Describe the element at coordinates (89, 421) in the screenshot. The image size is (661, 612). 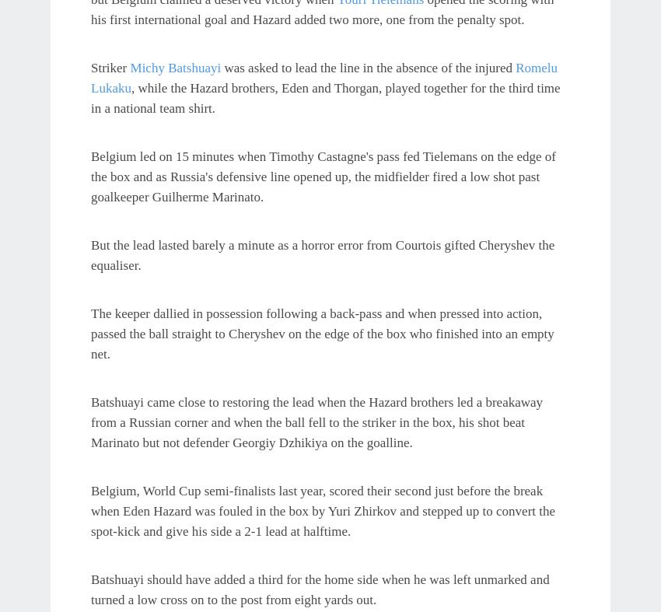
I see `'Batshuayi came close to restoring the lead when the Hazard brothers led a breakaway from a Russian corner and when the ball fell to the striker in the box, his shot beat Marinato but not defender Georgiy Dzhikiya on the goalline.'` at that location.